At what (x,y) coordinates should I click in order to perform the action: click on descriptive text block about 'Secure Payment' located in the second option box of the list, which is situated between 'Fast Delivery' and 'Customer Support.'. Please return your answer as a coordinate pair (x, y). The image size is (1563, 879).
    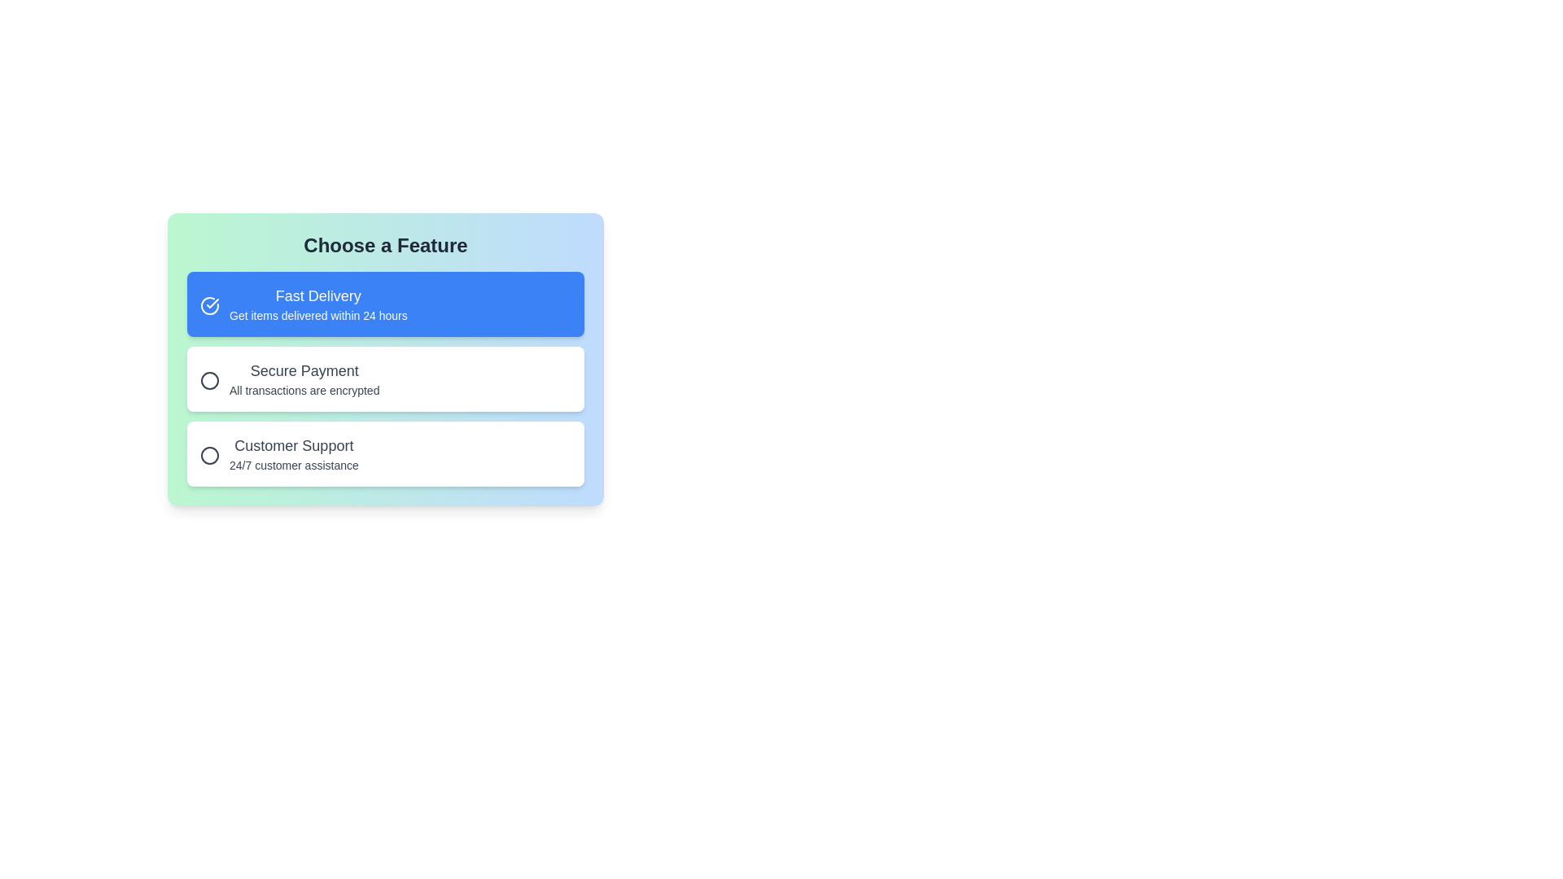
    Looking at the image, I should click on (304, 379).